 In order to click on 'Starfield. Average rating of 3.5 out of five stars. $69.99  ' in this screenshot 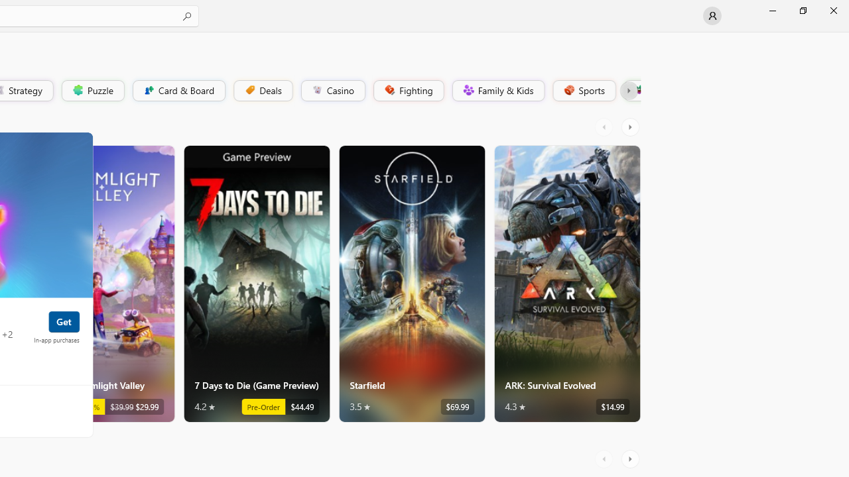, I will do `click(411, 283)`.